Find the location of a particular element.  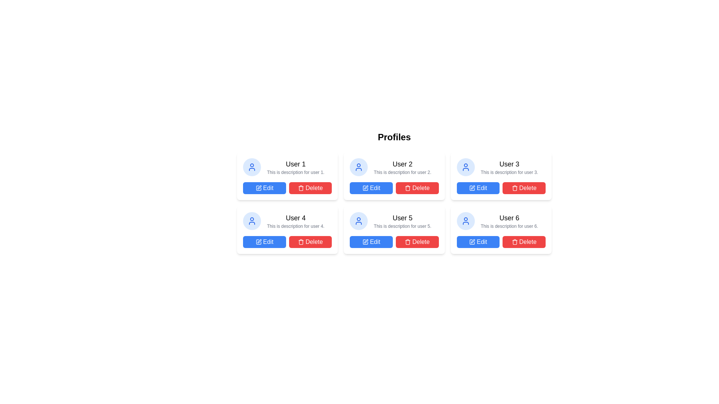

the user profile icon located at the top-left corner of the sixth card in a 2x3 grid layout is located at coordinates (465, 220).